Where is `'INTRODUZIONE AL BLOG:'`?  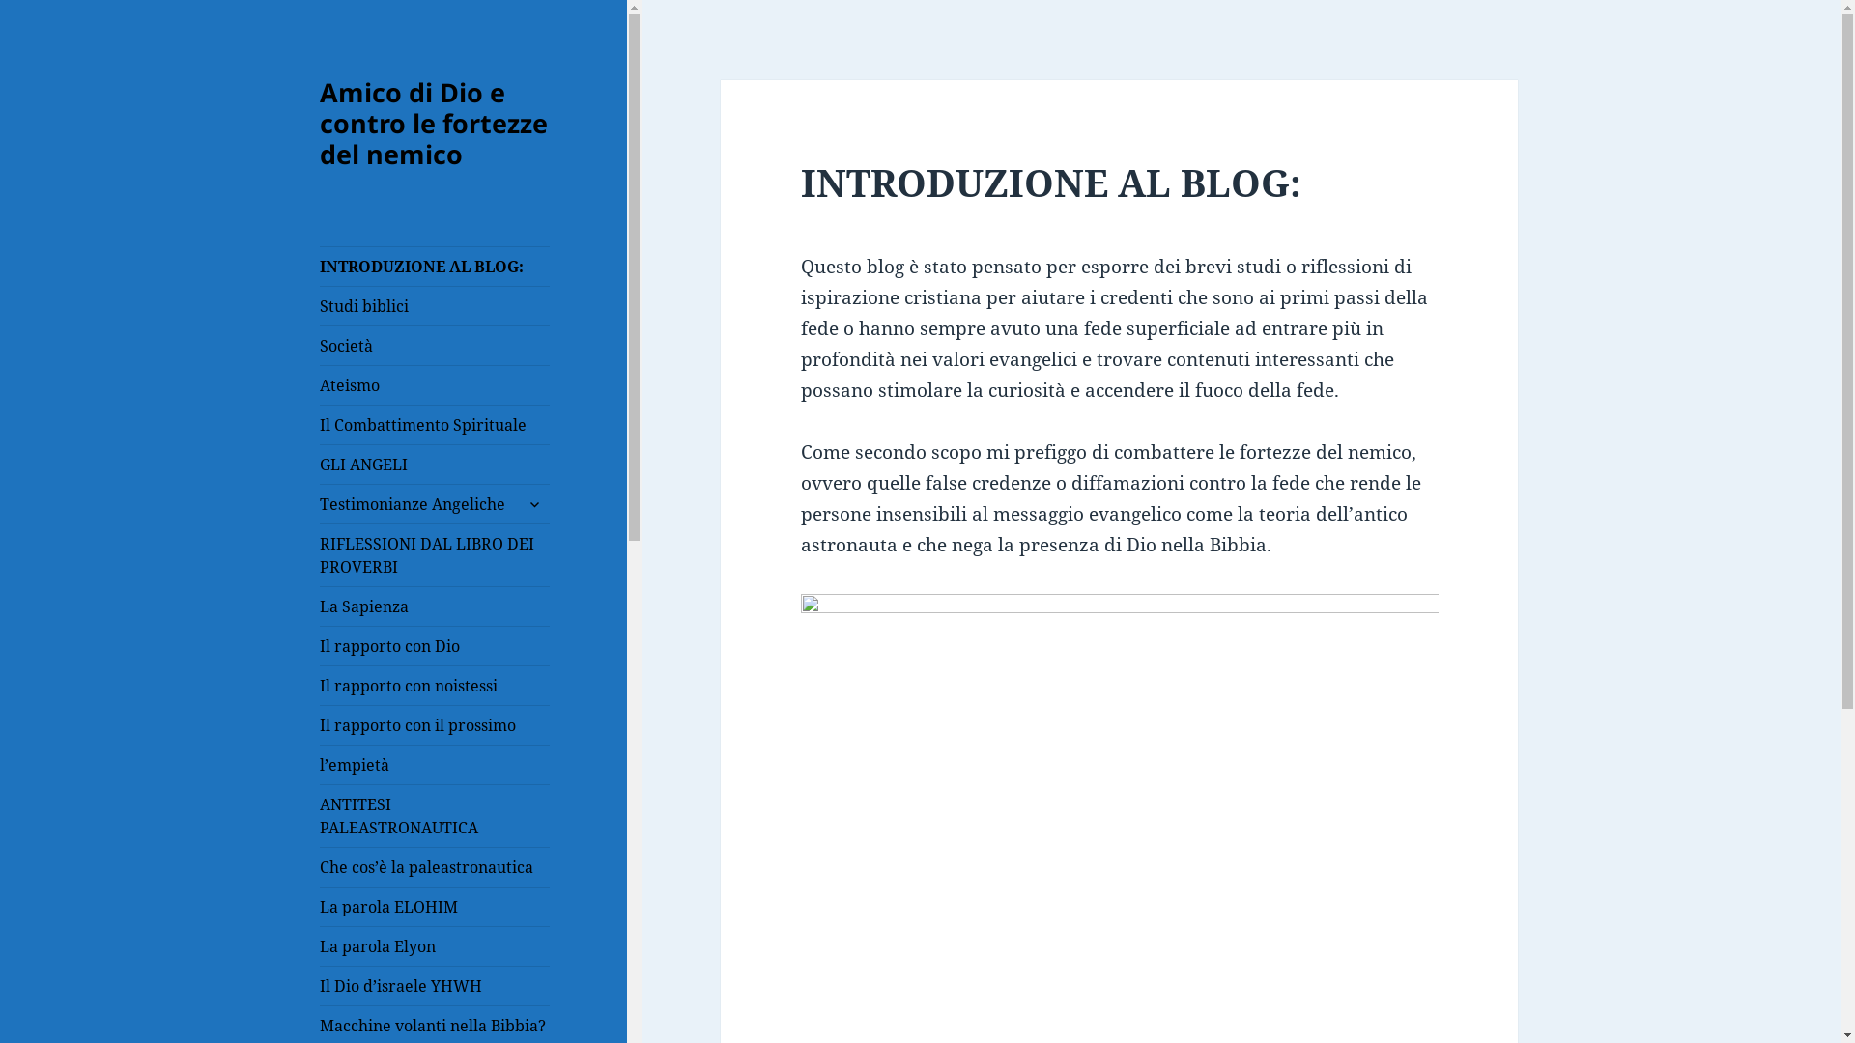 'INTRODUZIONE AL BLOG:' is located at coordinates (434, 267).